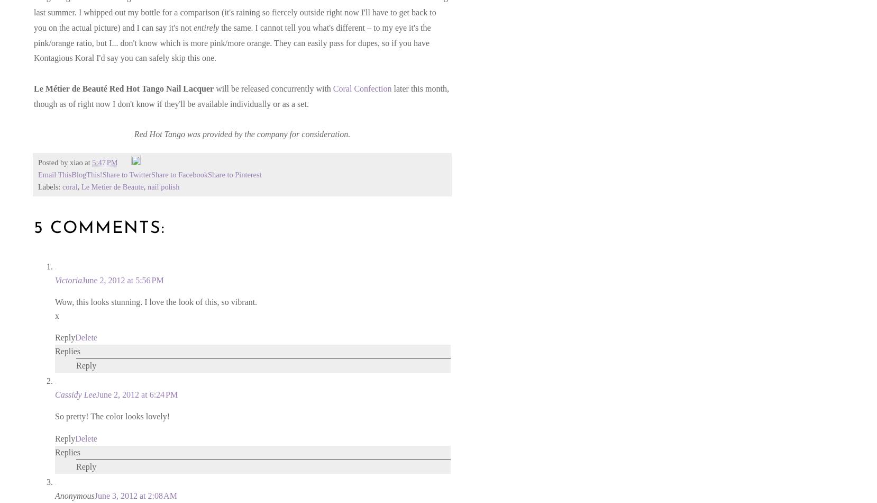 This screenshot has height=503, width=877. What do you see at coordinates (56, 315) in the screenshot?
I see `'x'` at bounding box center [56, 315].